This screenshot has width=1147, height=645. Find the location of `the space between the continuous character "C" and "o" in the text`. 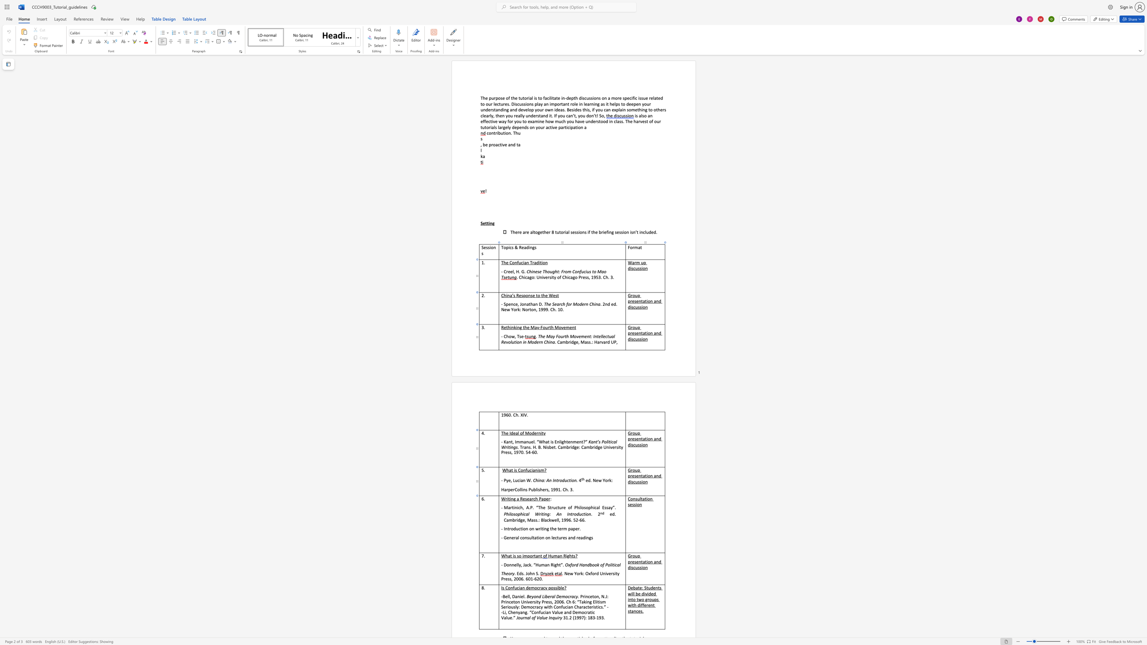

the space between the continuous character "C" and "o" in the text is located at coordinates (520, 470).